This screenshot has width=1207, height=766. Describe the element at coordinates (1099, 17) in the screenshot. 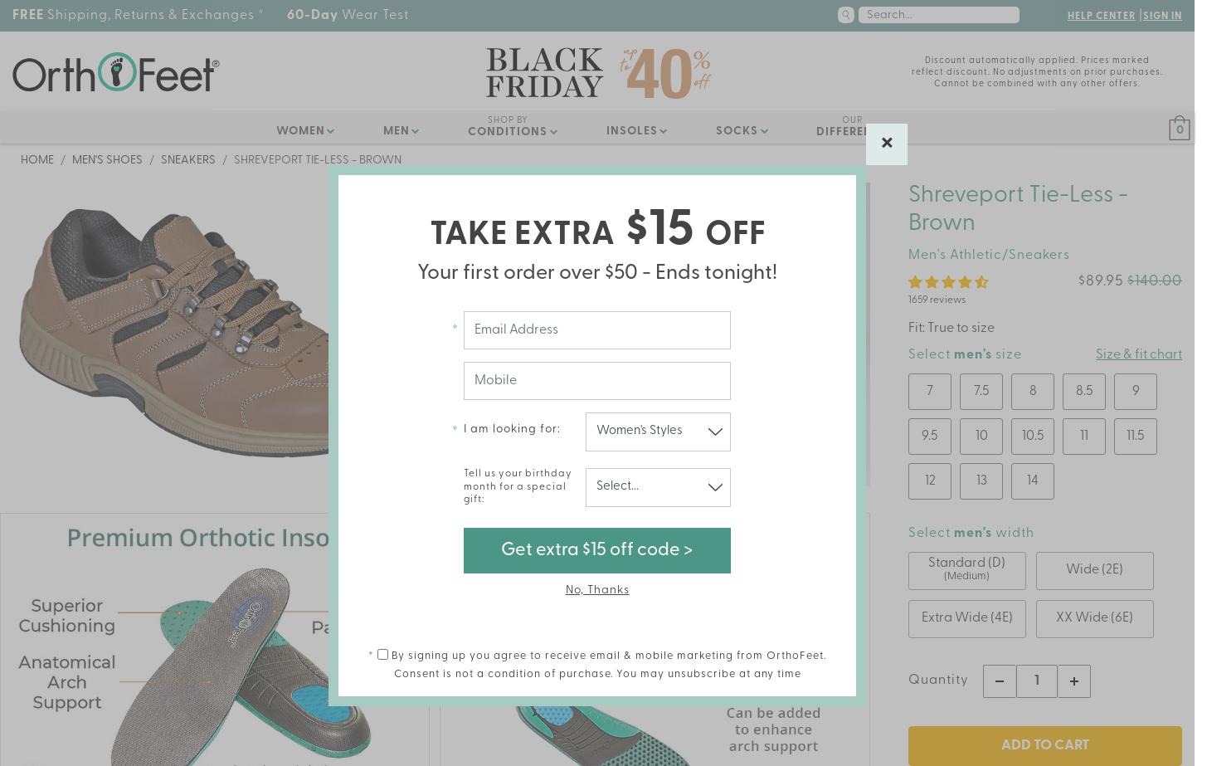

I see `'HELP CENTER'` at that location.